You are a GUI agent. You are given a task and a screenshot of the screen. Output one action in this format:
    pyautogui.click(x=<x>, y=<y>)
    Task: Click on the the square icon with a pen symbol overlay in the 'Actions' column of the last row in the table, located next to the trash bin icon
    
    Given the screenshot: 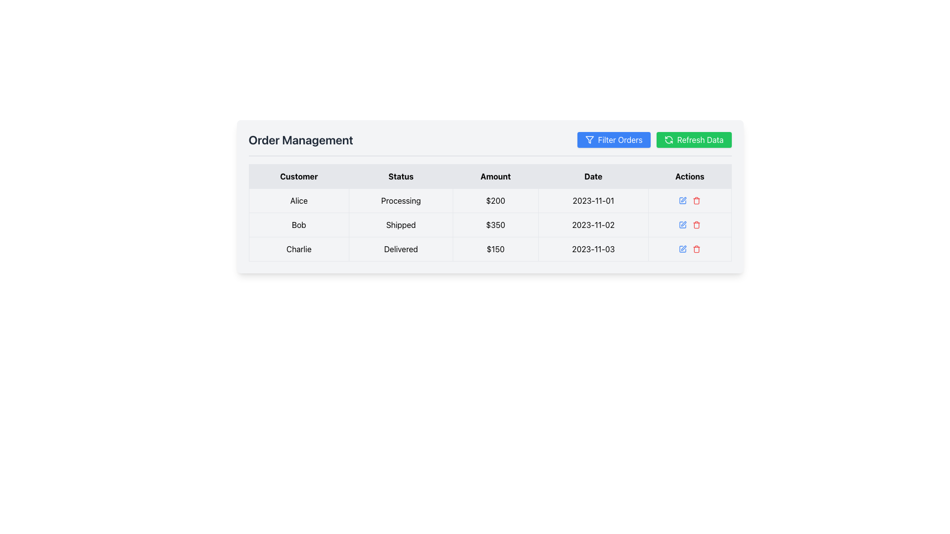 What is the action you would take?
    pyautogui.click(x=682, y=249)
    